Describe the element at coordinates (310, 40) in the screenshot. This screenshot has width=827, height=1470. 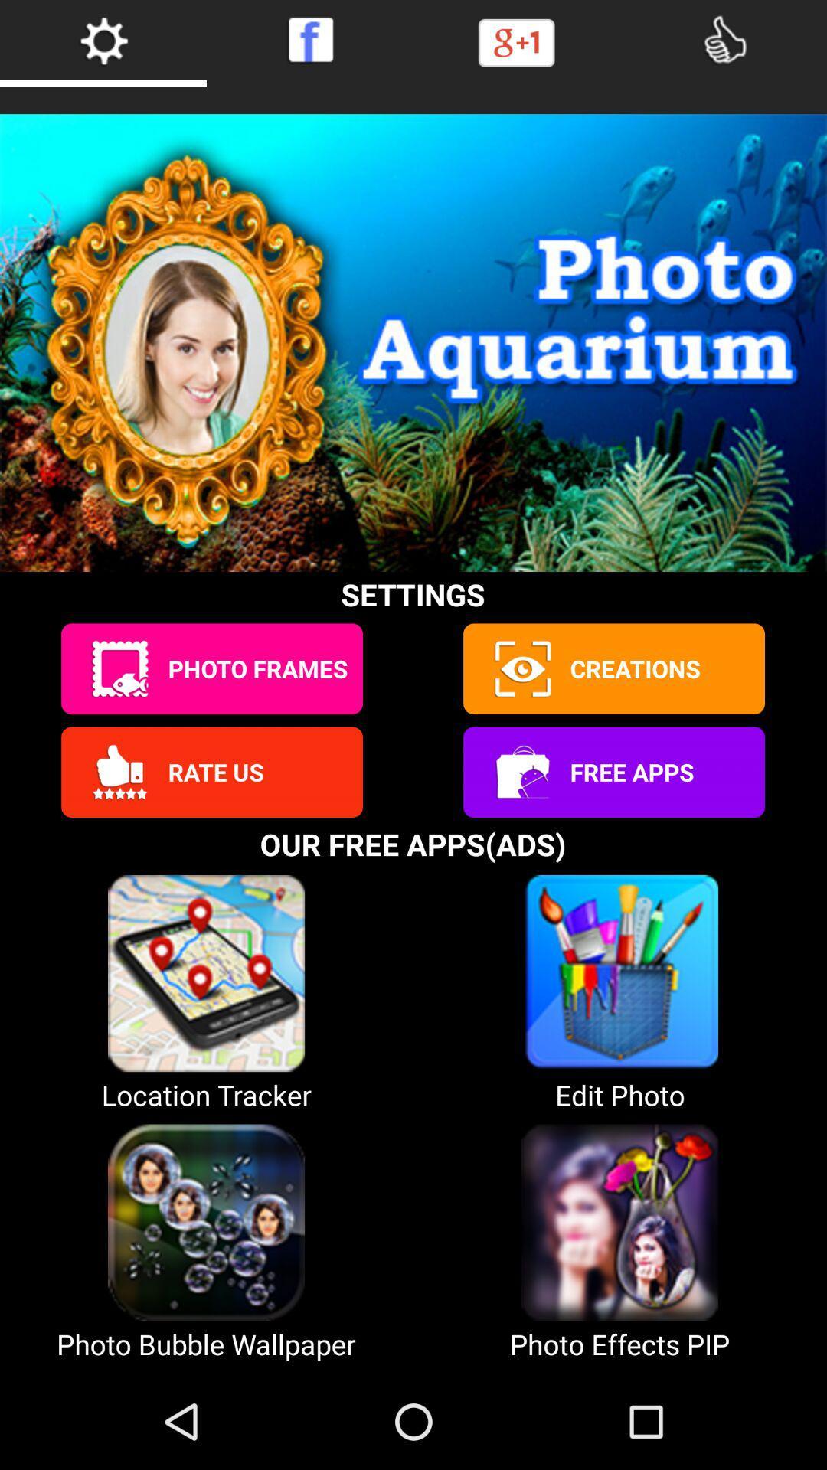
I see `facebook option` at that location.